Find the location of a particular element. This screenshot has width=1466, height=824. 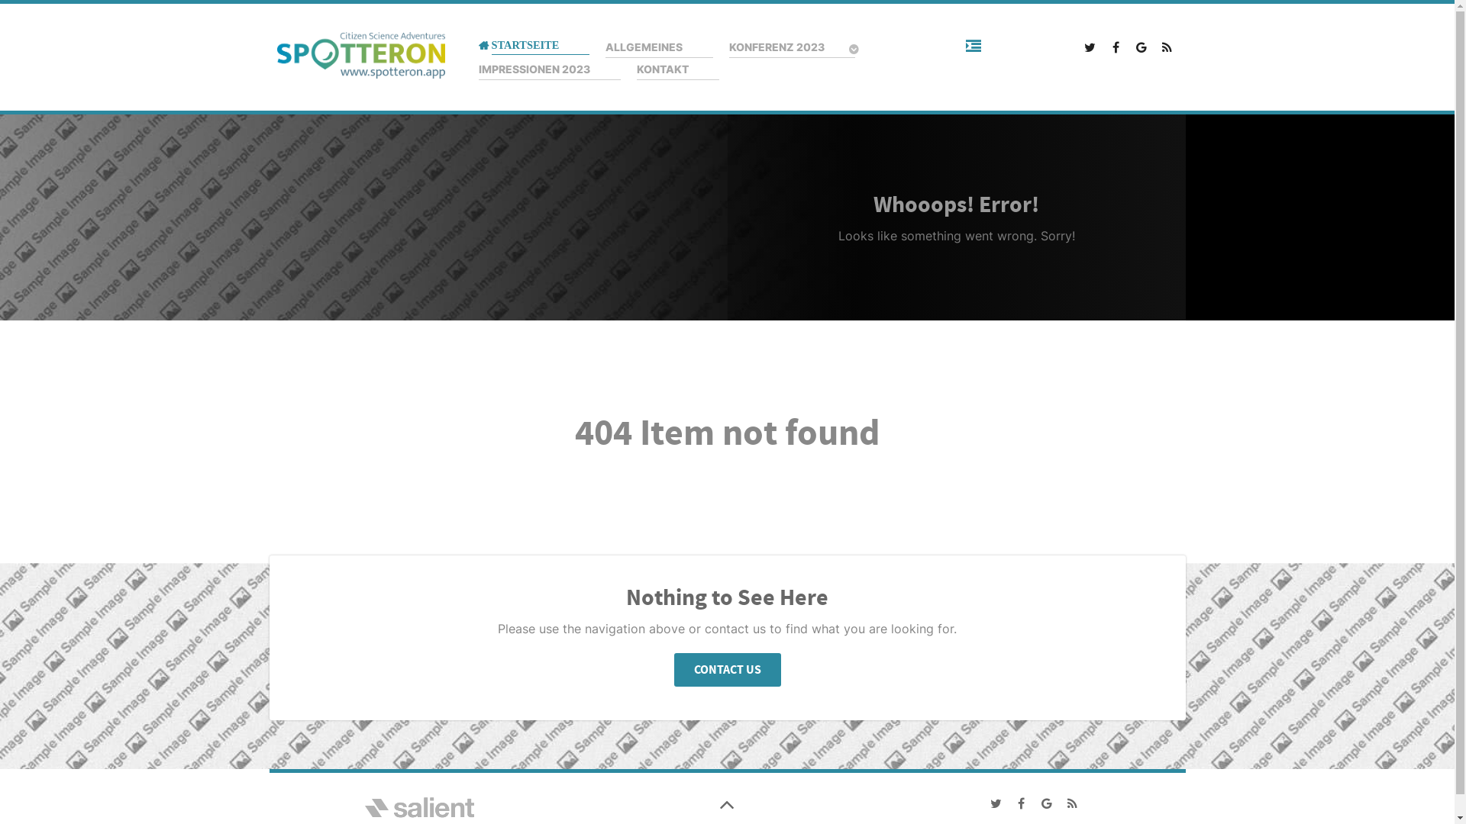

'ALLGEMEINES' is located at coordinates (659, 46).